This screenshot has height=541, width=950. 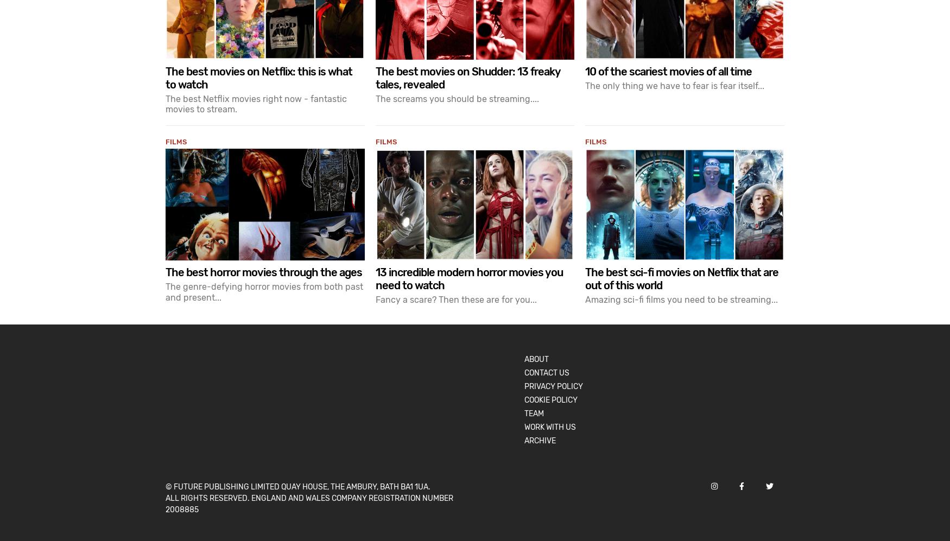 What do you see at coordinates (165, 291) in the screenshot?
I see `'The genre-defying horror movies from both past and present...'` at bounding box center [165, 291].